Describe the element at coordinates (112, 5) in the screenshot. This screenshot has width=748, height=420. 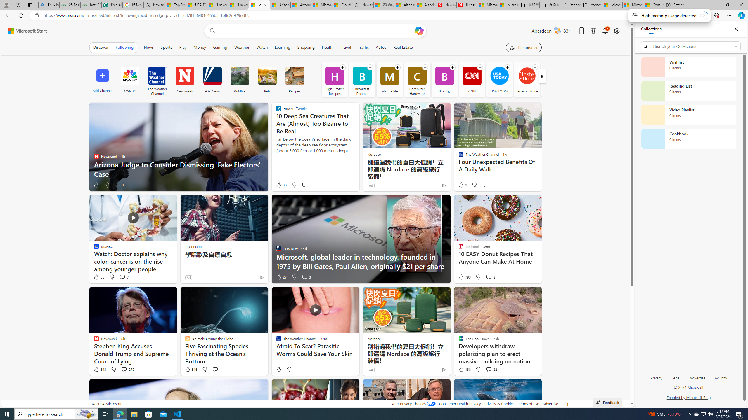
I see `'Free AI Writing Assistance for Students | Grammarly'` at that location.